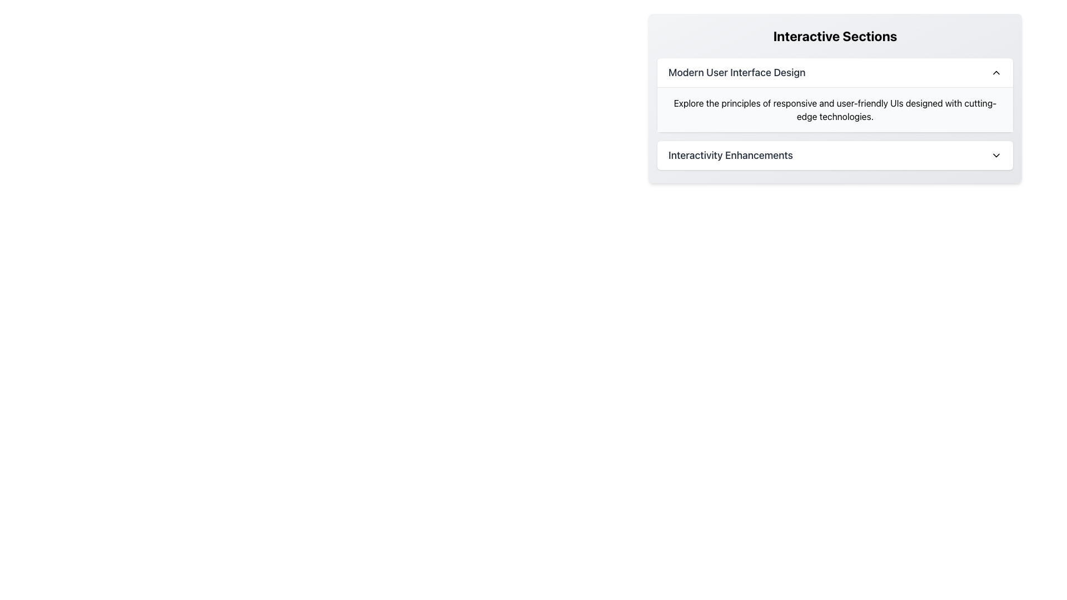 The height and width of the screenshot is (600, 1067). Describe the element at coordinates (996, 156) in the screenshot. I see `the chevron icon located to the right of the 'Interactivity Enhancements' text` at that location.